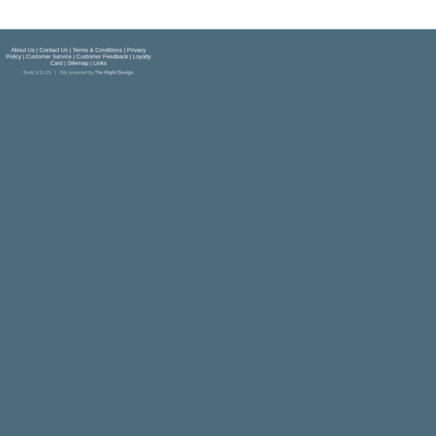 The image size is (436, 436). What do you see at coordinates (48, 56) in the screenshot?
I see `'Customer Service'` at bounding box center [48, 56].